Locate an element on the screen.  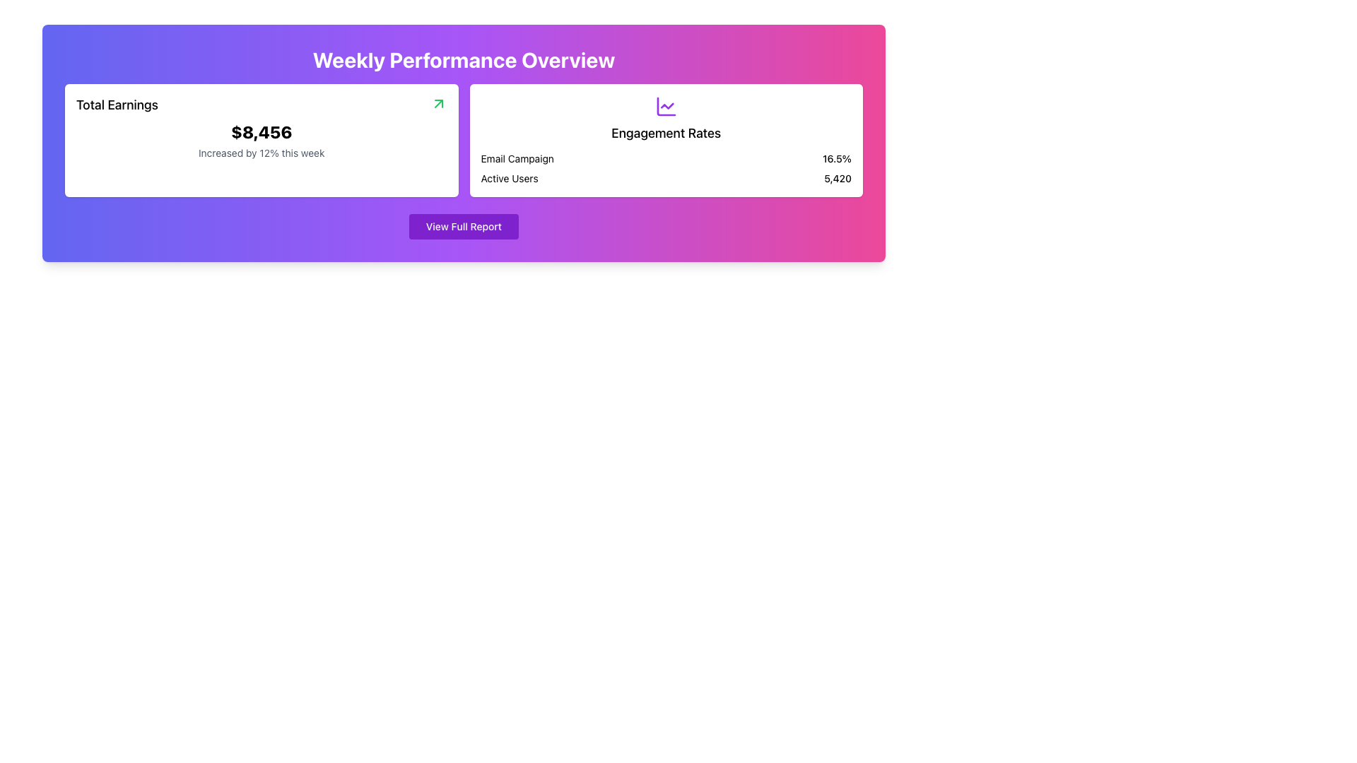
the Title with icon element that serves as a headline for displaying engagement statistics, located at the top-center of the card under 'Weekly Performance Overview' is located at coordinates (665, 119).